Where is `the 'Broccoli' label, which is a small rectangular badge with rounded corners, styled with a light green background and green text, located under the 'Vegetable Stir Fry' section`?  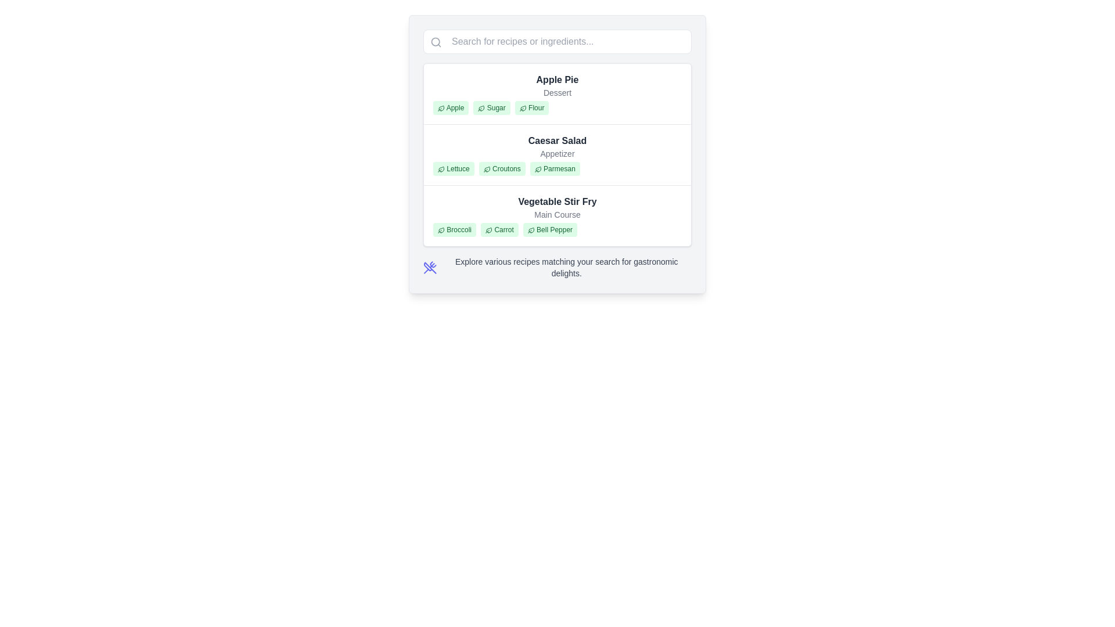
the 'Broccoli' label, which is a small rectangular badge with rounded corners, styled with a light green background and green text, located under the 'Vegetable Stir Fry' section is located at coordinates (454, 230).